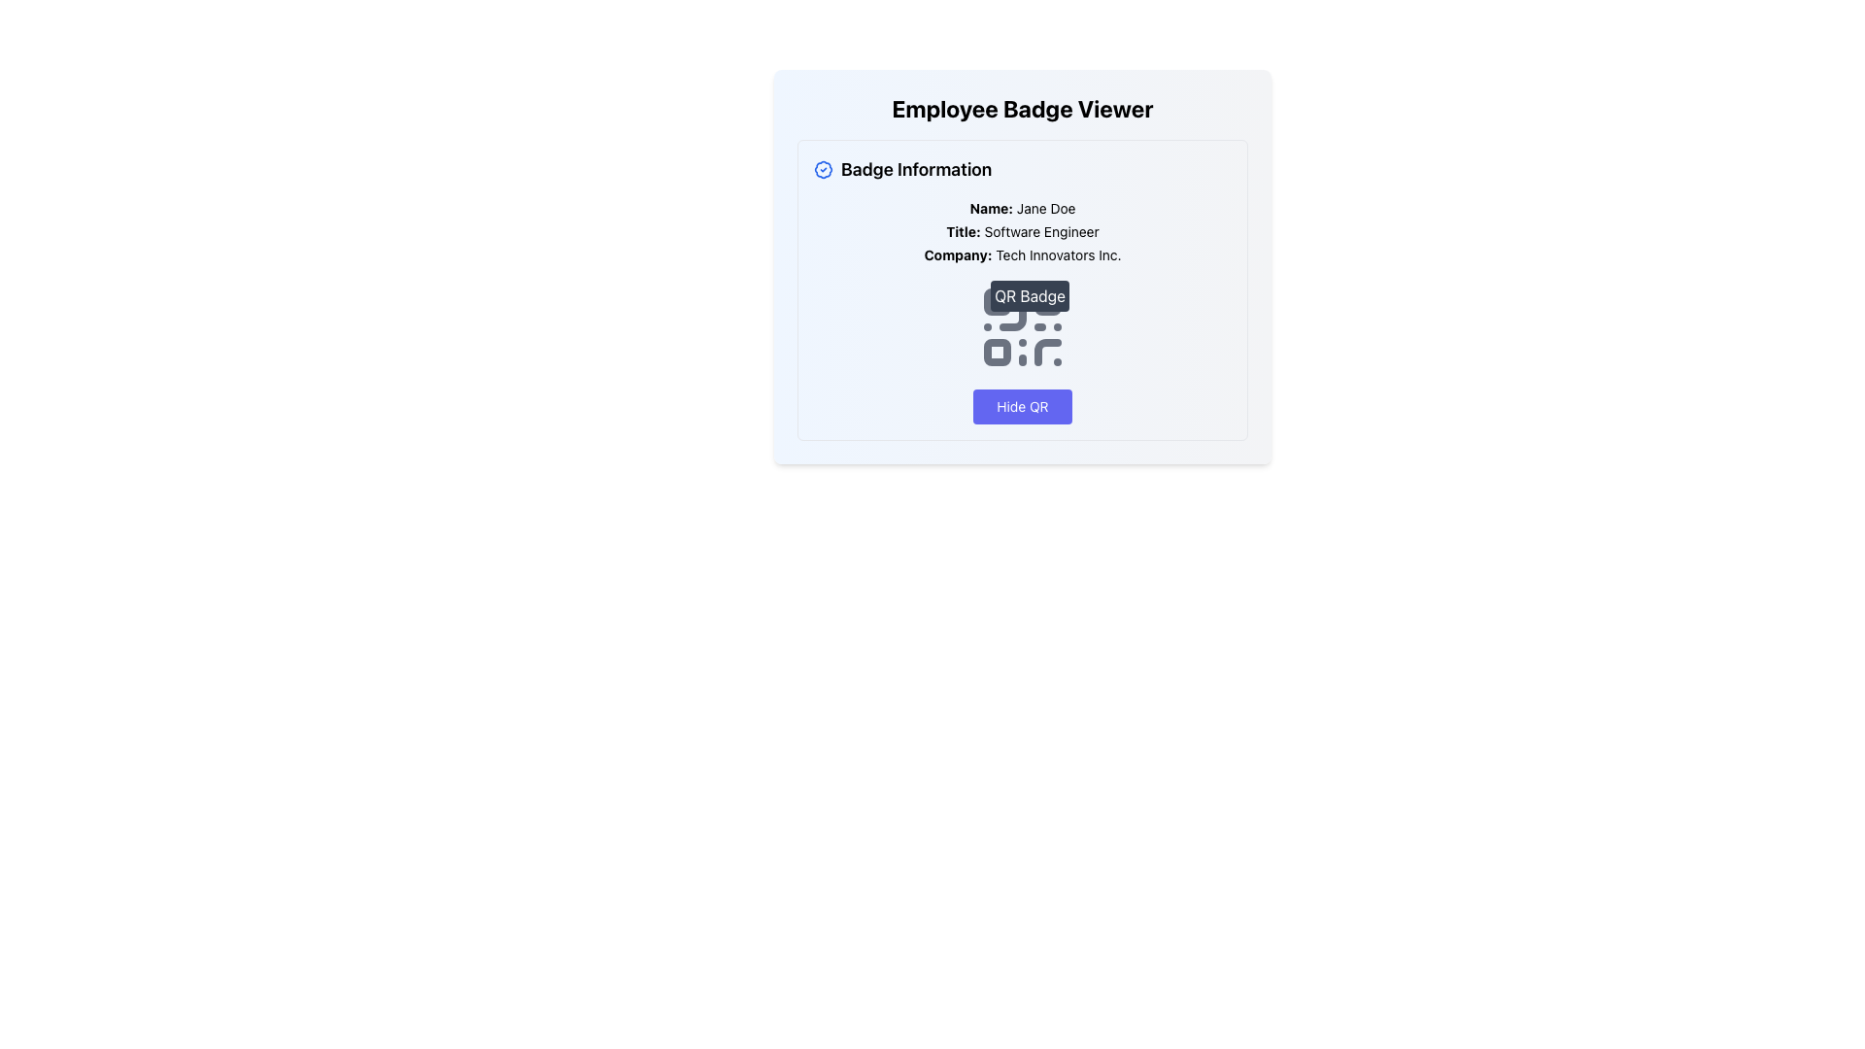  What do you see at coordinates (1021, 254) in the screenshot?
I see `the Text Display element which shows the company name, positioned below the Title section in the Badge Information card` at bounding box center [1021, 254].